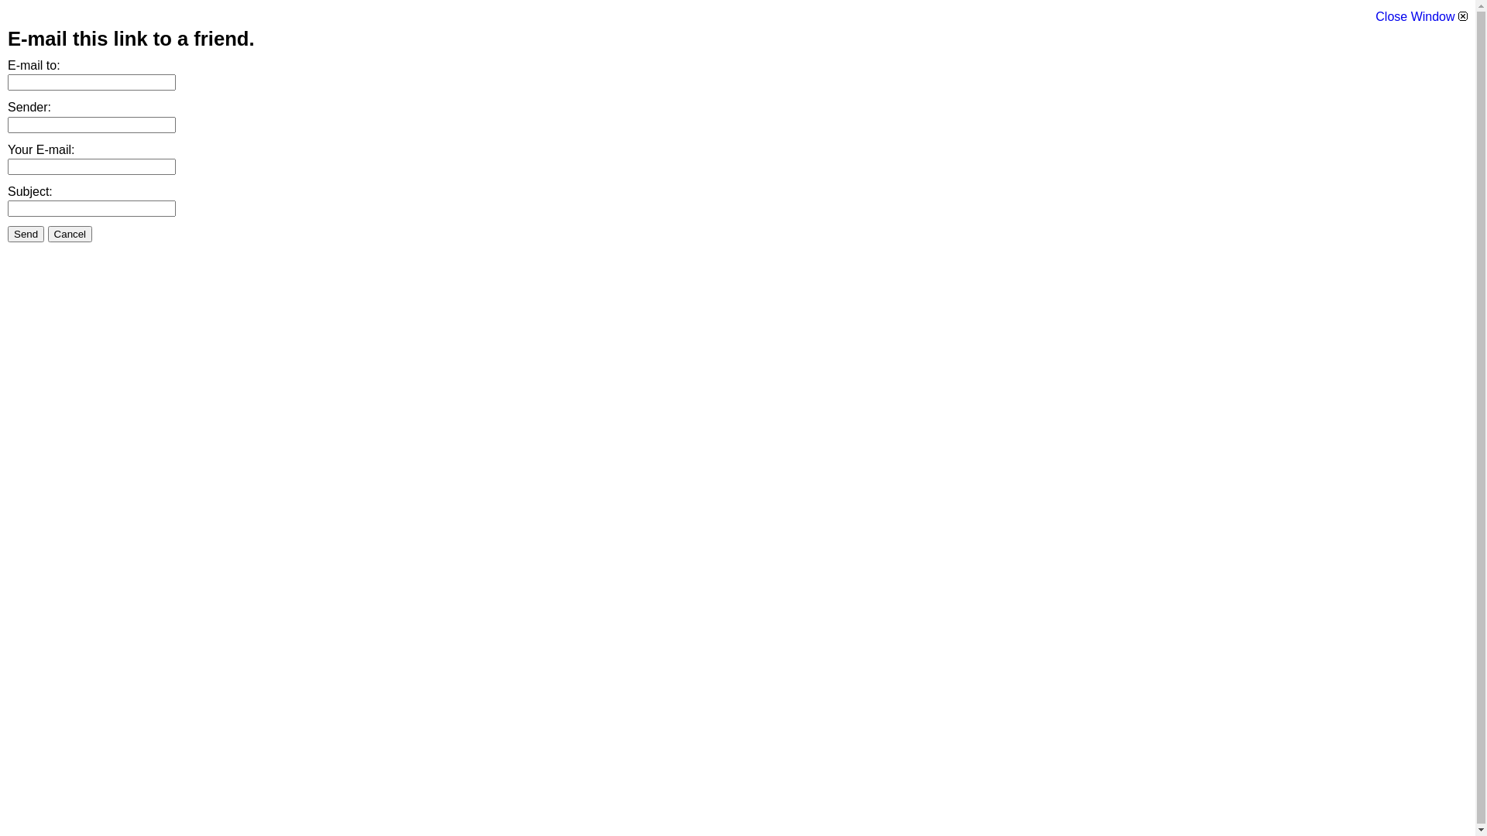  What do you see at coordinates (70, 234) in the screenshot?
I see `'Cancel'` at bounding box center [70, 234].